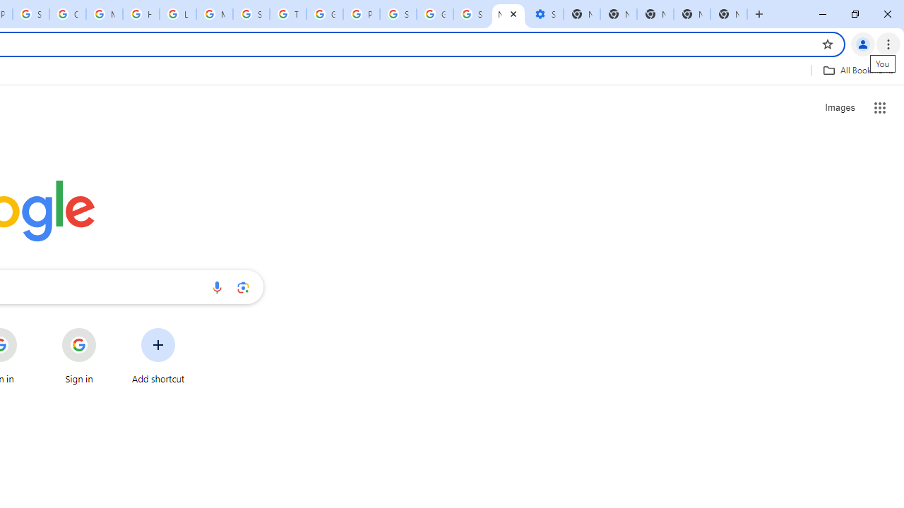 The width and height of the screenshot is (904, 508). I want to click on 'Add shortcut', so click(158, 356).